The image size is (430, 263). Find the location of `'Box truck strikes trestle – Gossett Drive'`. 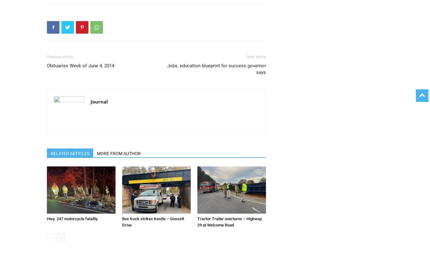

'Box truck strikes trestle – Gossett Drive' is located at coordinates (122, 222).